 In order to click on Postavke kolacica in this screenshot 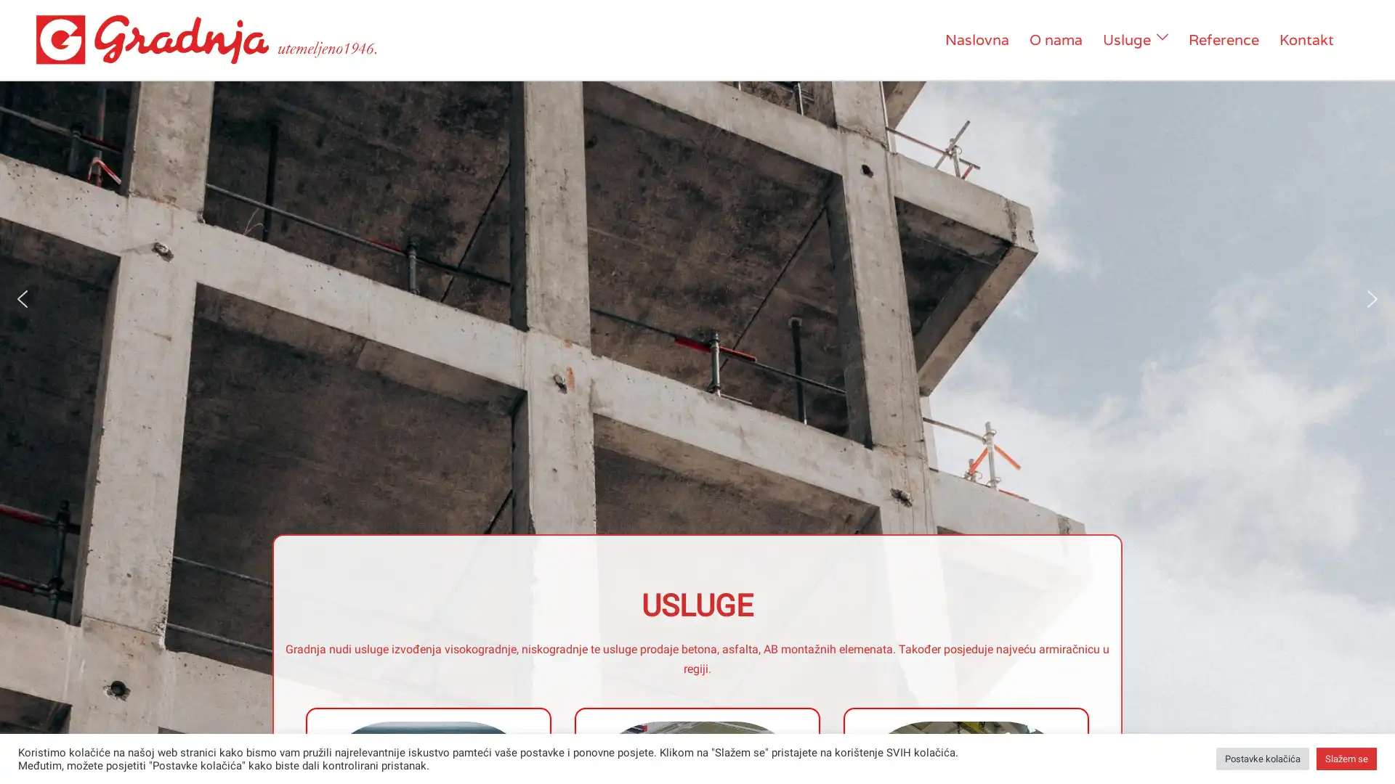, I will do `click(1261, 758)`.